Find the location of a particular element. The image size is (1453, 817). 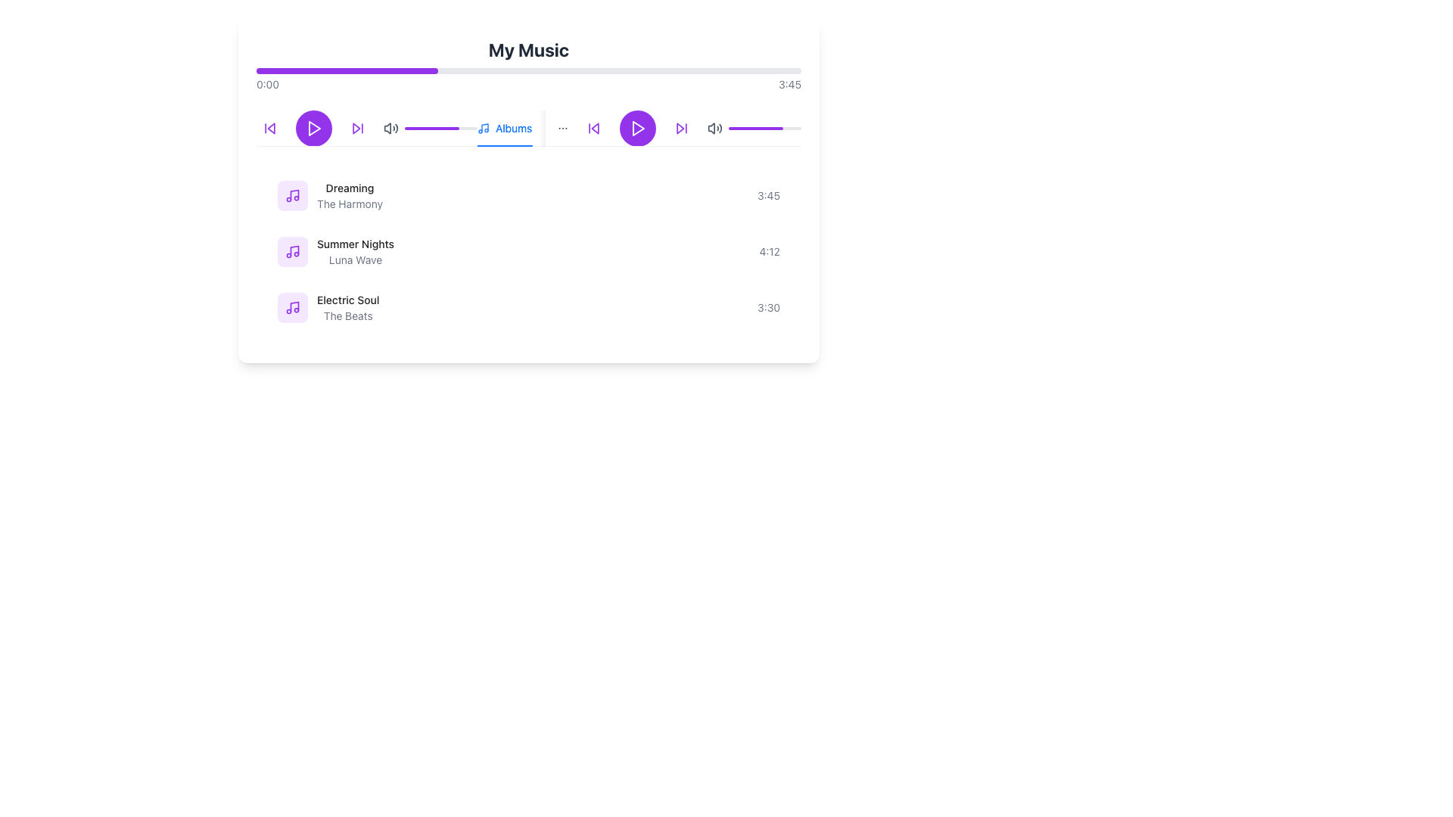

the progress value is located at coordinates (467, 127).